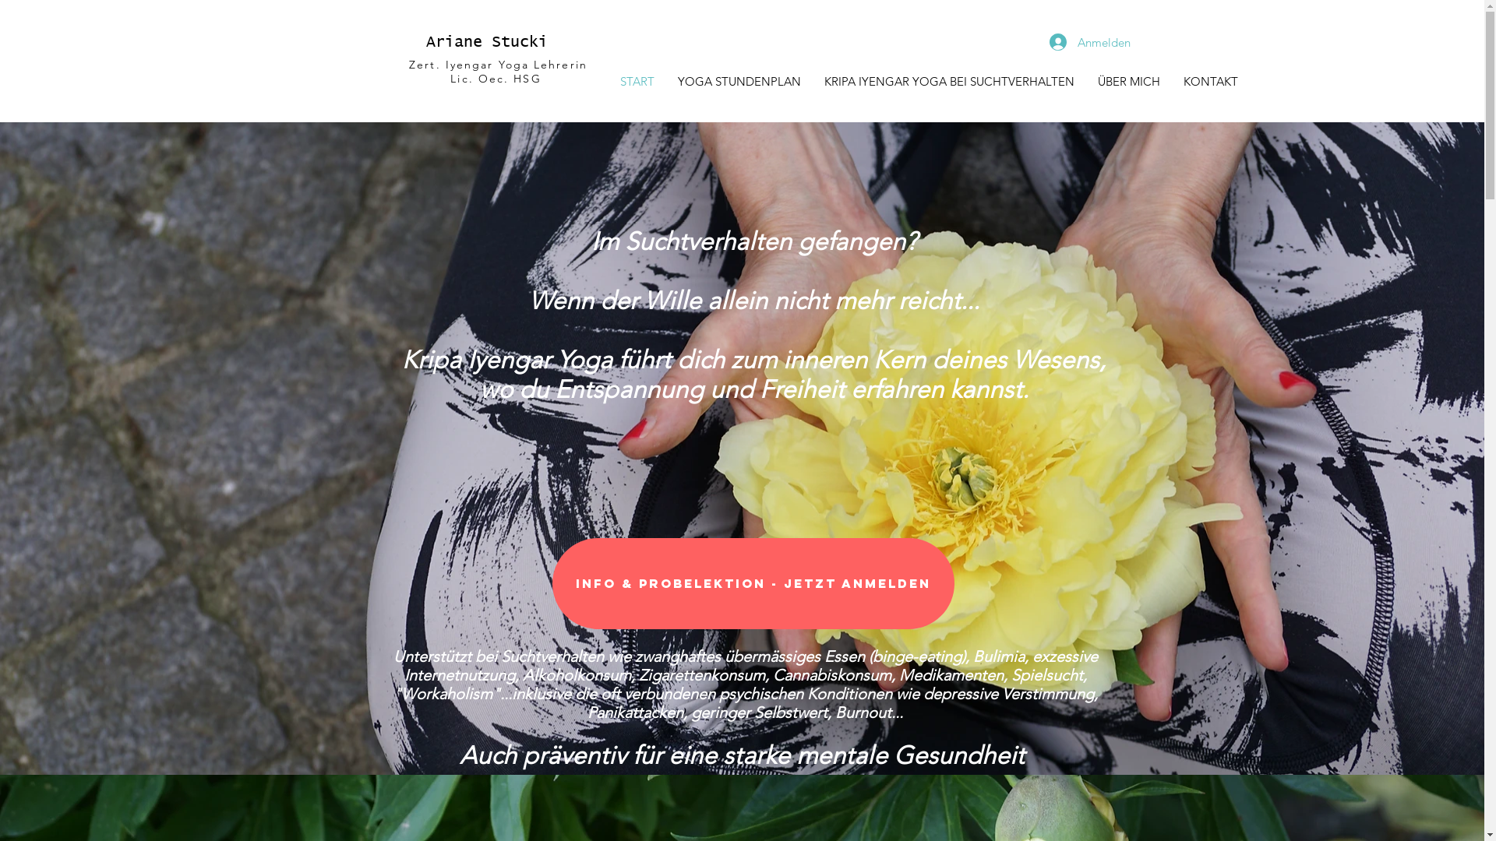  I want to click on 'Info & Probelektion - jetzt anmelden', so click(552, 583).